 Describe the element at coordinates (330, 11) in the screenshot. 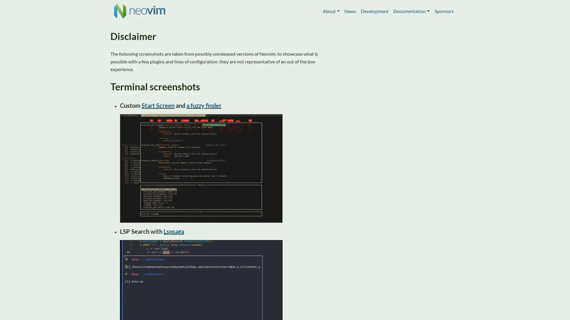

I see `About` at that location.